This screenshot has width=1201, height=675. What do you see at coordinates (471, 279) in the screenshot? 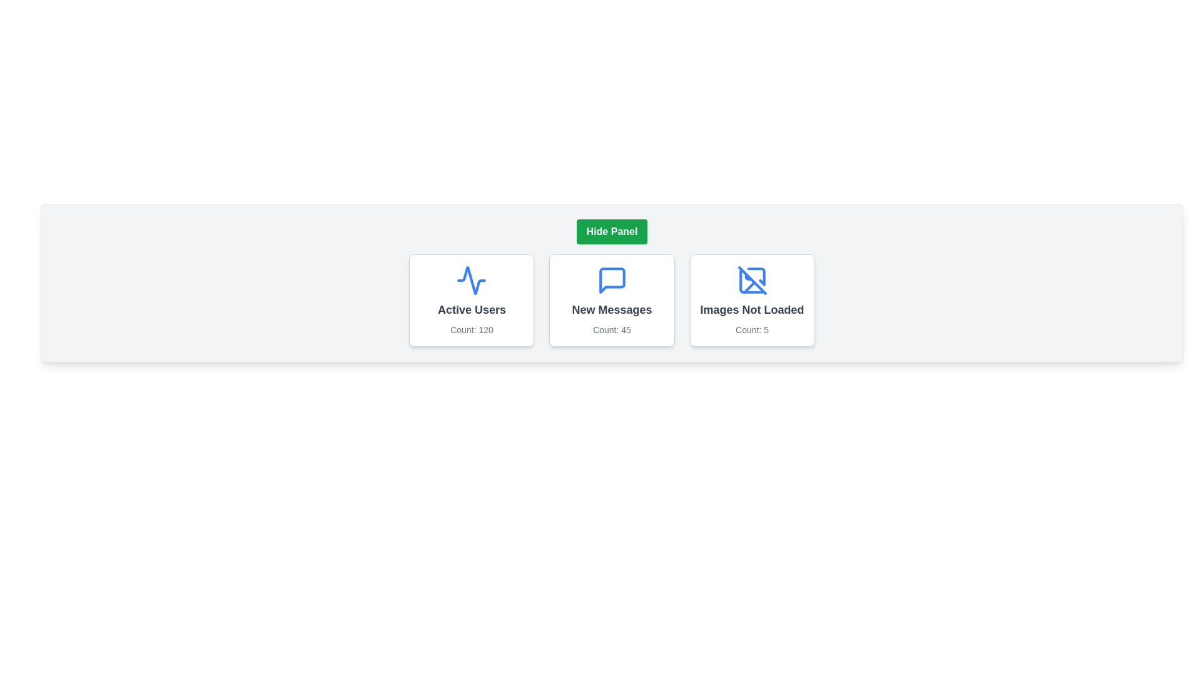
I see `the stylized waveform icon in vibrant blue, located at the top of the 'Active Users' card, which is the leftmost card in a row of three` at bounding box center [471, 279].